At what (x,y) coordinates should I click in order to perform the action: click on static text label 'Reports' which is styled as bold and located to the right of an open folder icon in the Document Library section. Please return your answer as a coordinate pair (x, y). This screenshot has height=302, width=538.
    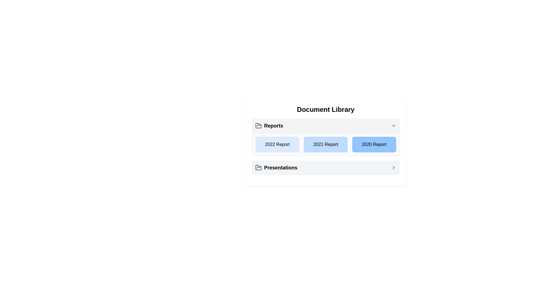
    Looking at the image, I should click on (273, 126).